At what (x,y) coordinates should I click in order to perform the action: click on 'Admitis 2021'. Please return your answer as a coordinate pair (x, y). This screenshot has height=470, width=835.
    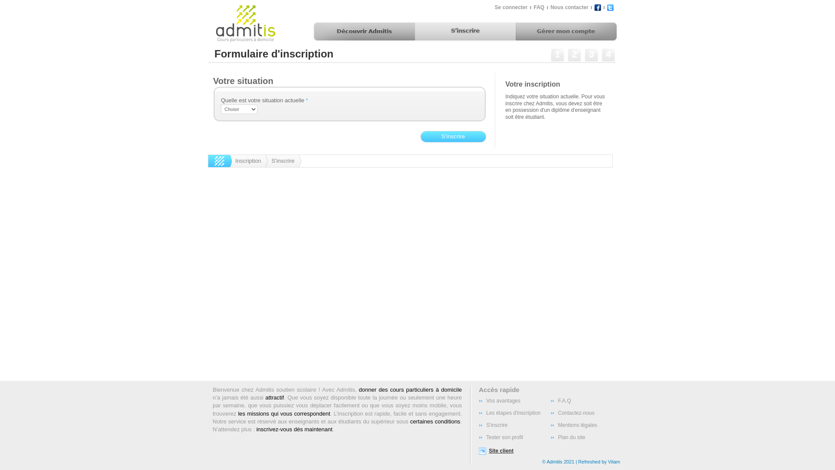
    Looking at the image, I should click on (561, 461).